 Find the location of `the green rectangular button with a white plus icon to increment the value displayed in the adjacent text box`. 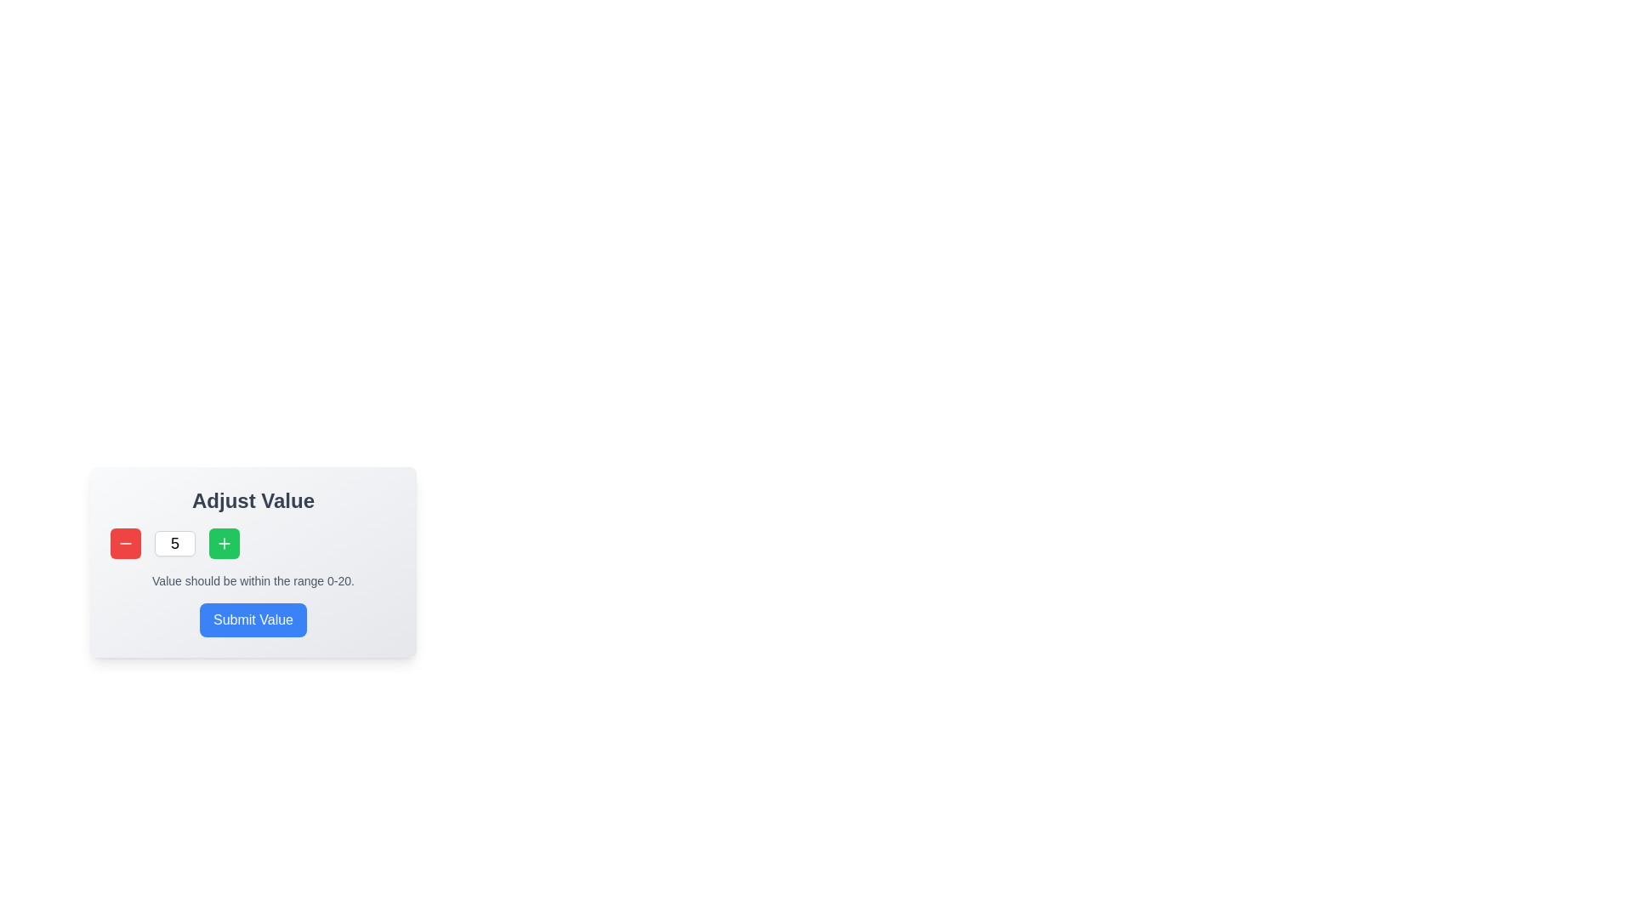

the green rectangular button with a white plus icon to increment the value displayed in the adjacent text box is located at coordinates (224, 544).